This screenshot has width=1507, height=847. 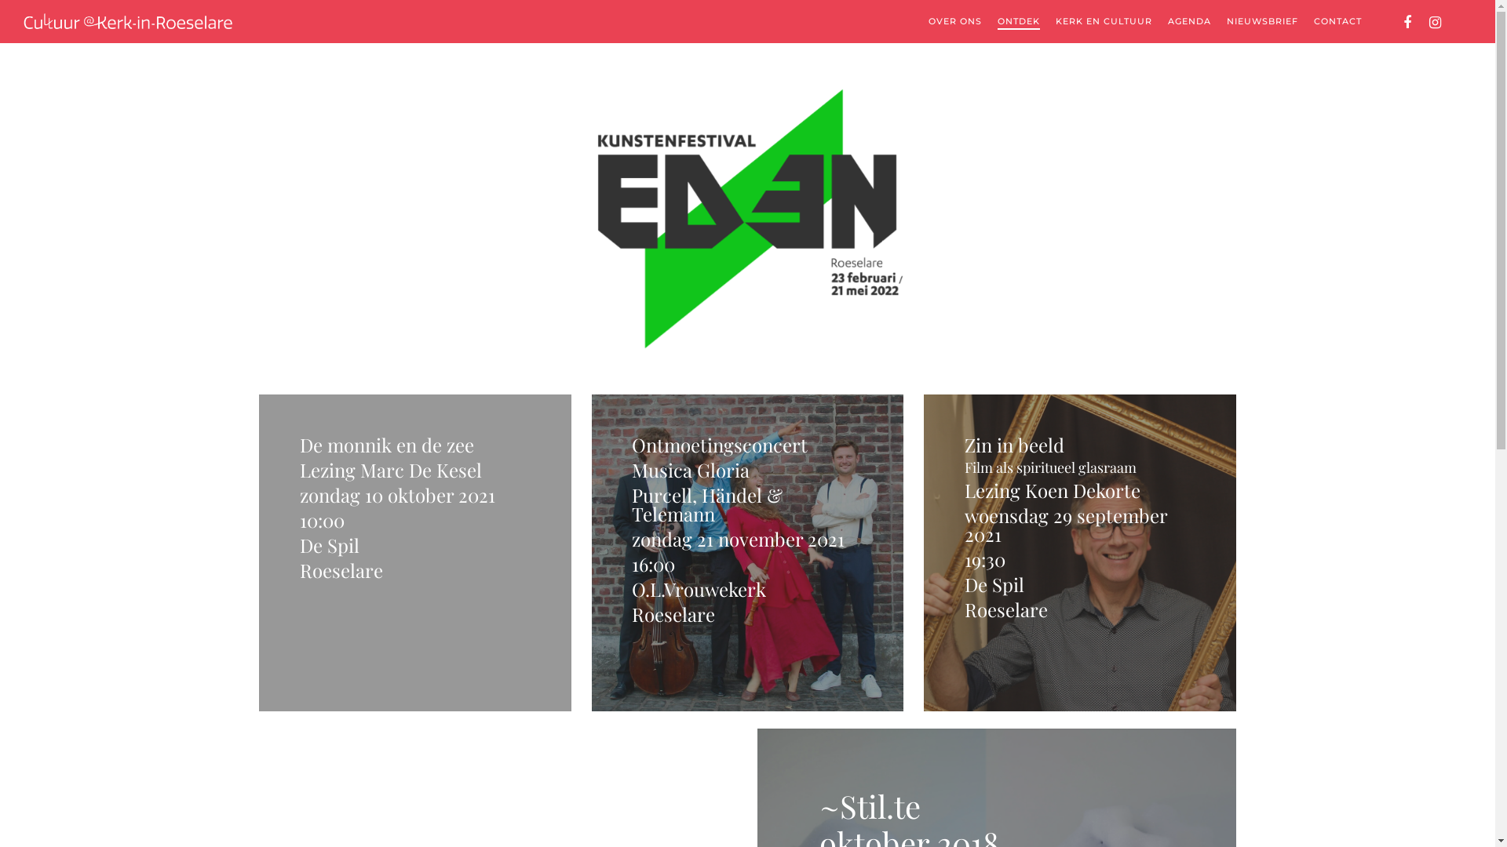 I want to click on 'OVER ONS', so click(x=954, y=21).